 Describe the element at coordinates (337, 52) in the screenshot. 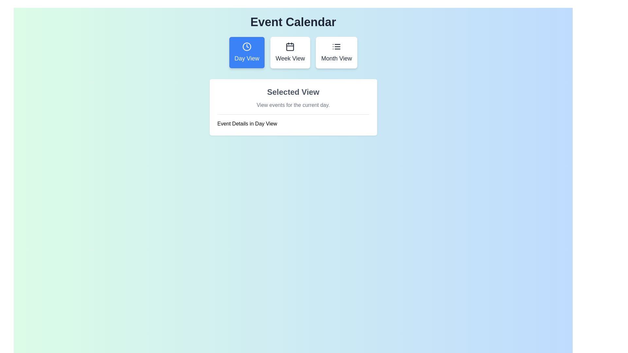

I see `the button labeled 'Month View' to observe its hover effect` at that location.